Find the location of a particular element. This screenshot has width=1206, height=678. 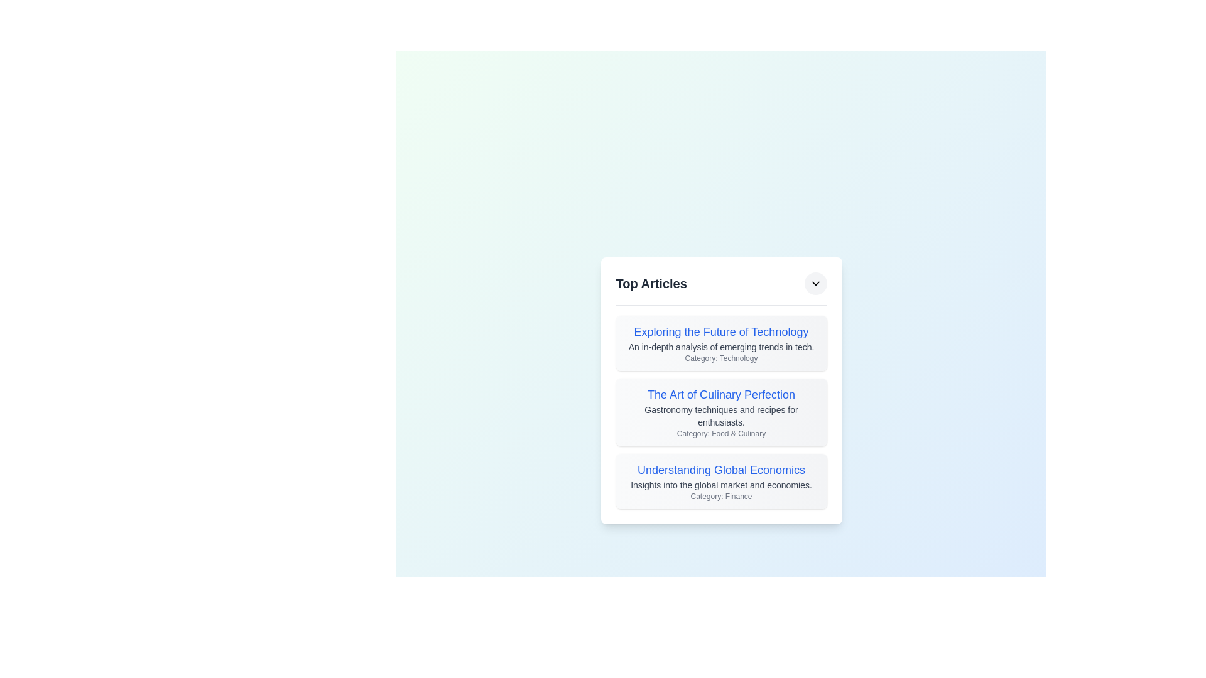

the dropdown button to toggle the visibility of the article list is located at coordinates (815, 283).